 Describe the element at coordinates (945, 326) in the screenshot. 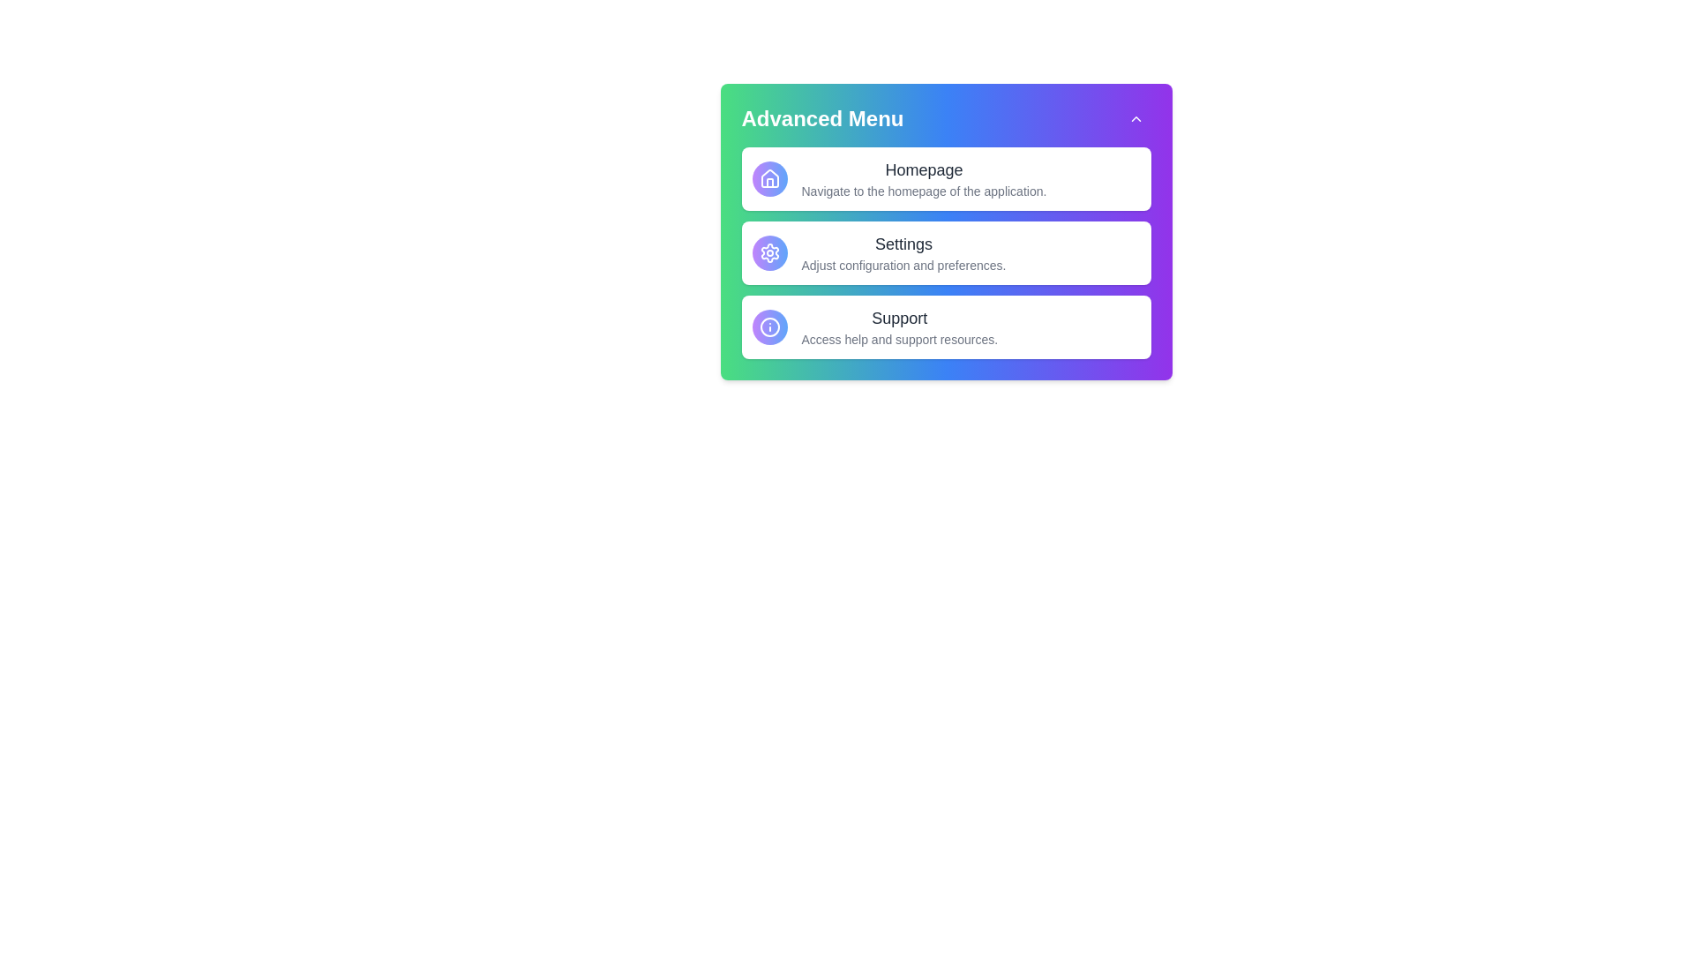

I see `the menu item titled 'Support' to reveal its tooltip or additional information` at that location.